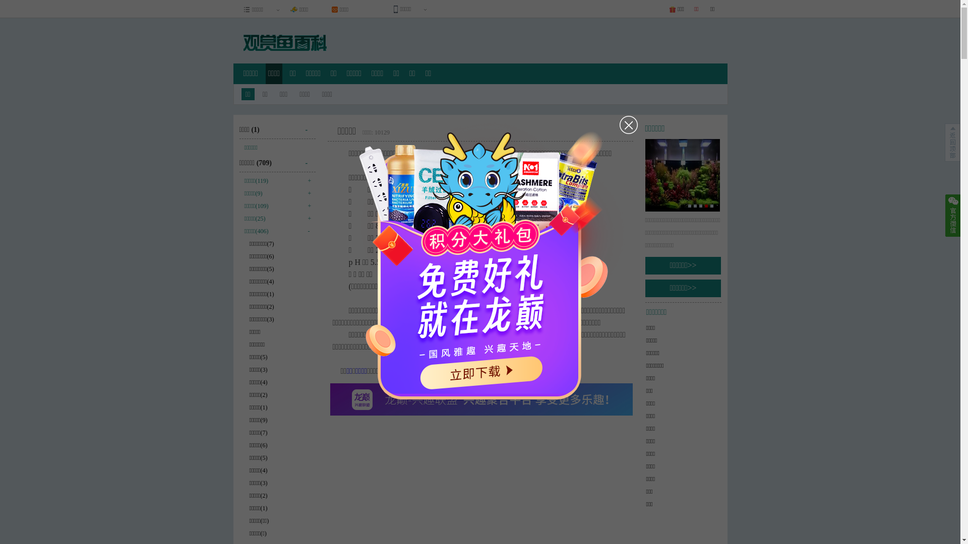 This screenshot has height=544, width=968. Describe the element at coordinates (307, 217) in the screenshot. I see `'+'` at that location.